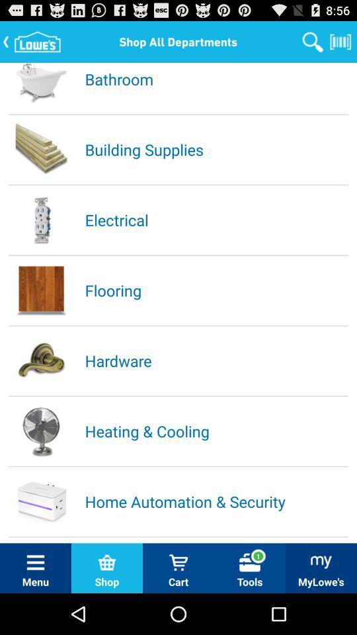 This screenshot has height=635, width=357. I want to click on the icon below the building supplies, so click(216, 220).